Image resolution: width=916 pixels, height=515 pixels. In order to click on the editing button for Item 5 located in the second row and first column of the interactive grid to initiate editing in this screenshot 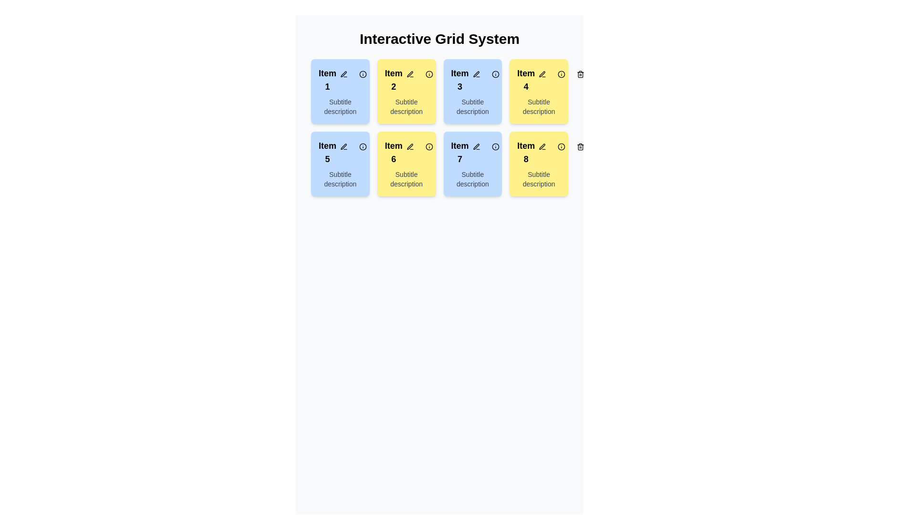, I will do `click(343, 147)`.